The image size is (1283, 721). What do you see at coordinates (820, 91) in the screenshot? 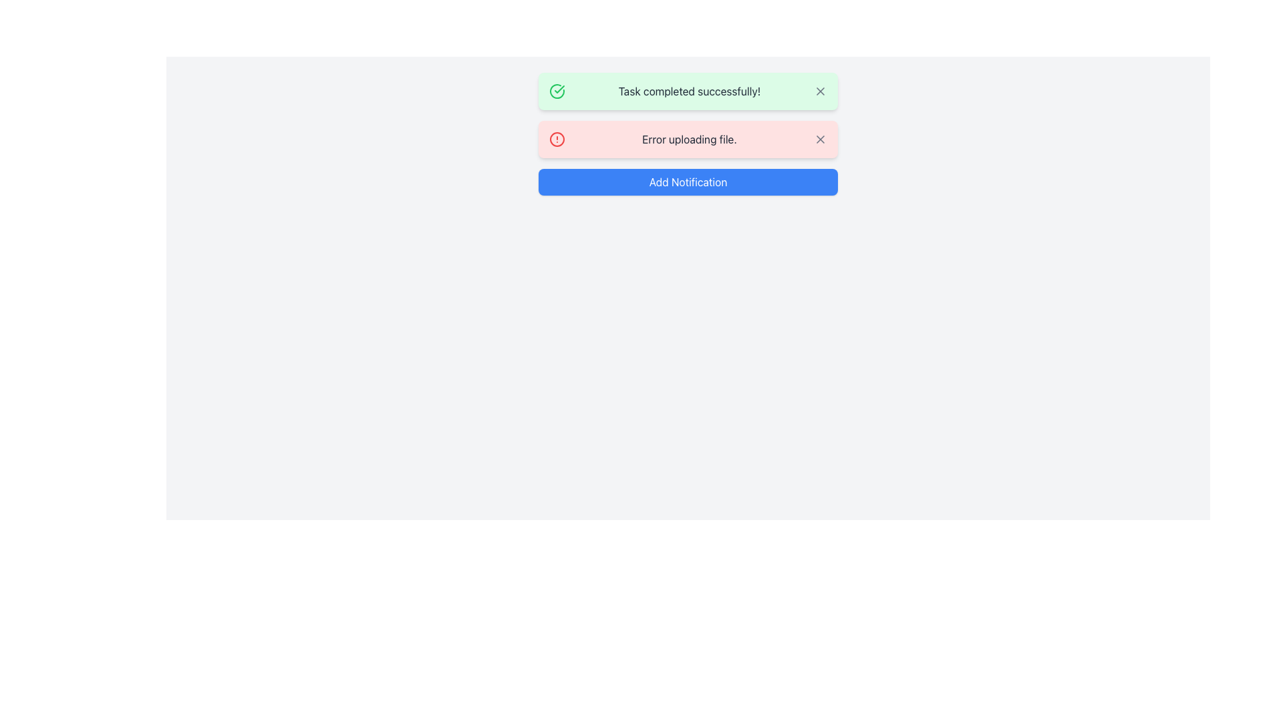
I see `the small cross-shaped icon` at bounding box center [820, 91].